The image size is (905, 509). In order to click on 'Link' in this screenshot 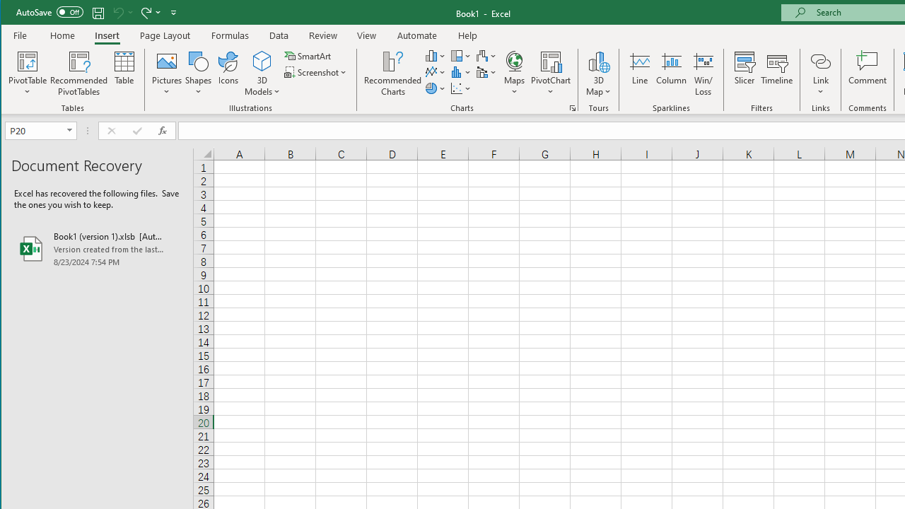, I will do `click(820, 74)`.